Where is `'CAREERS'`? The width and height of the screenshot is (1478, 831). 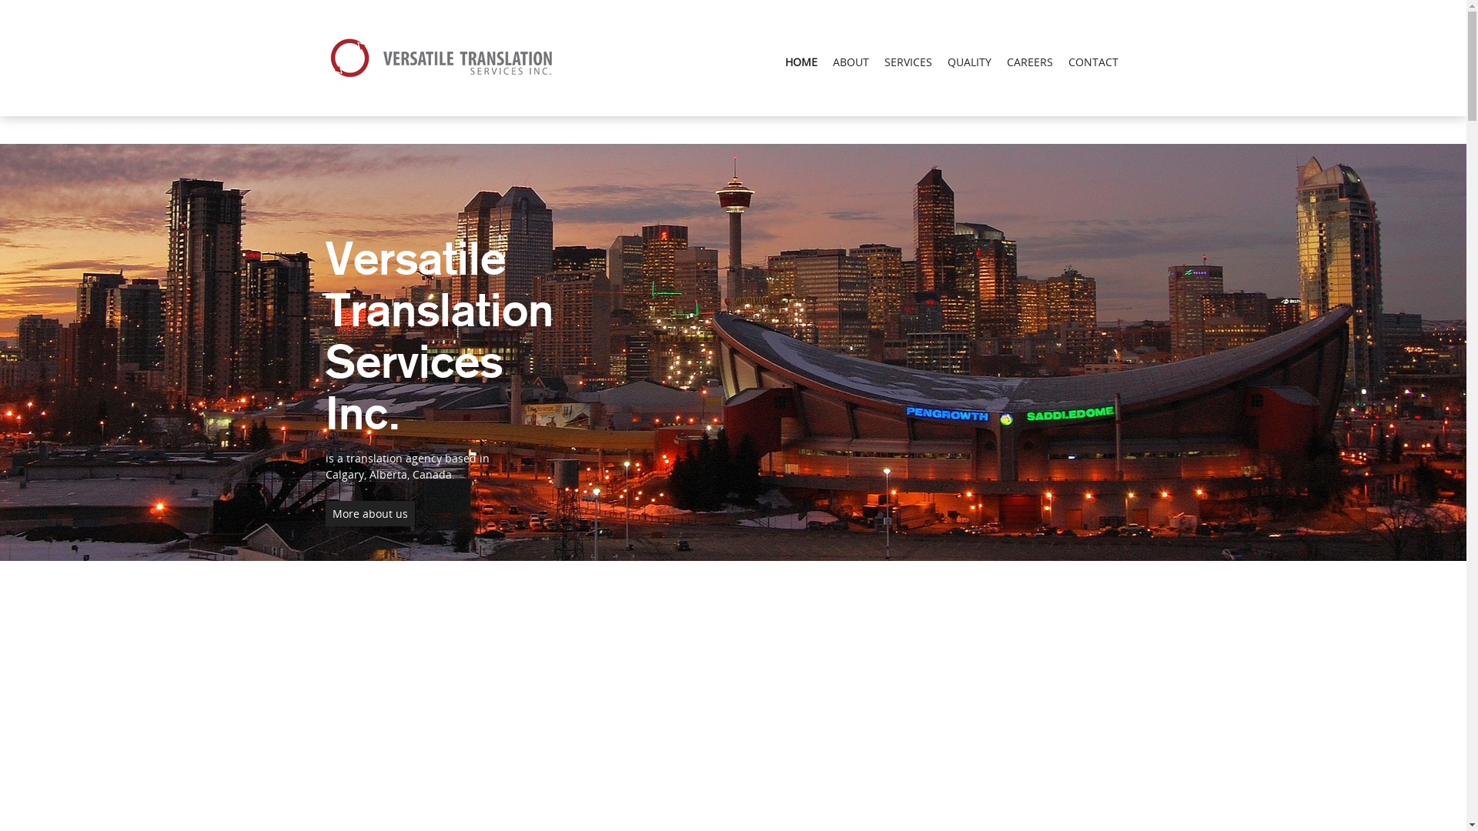
'CAREERS' is located at coordinates (1030, 61).